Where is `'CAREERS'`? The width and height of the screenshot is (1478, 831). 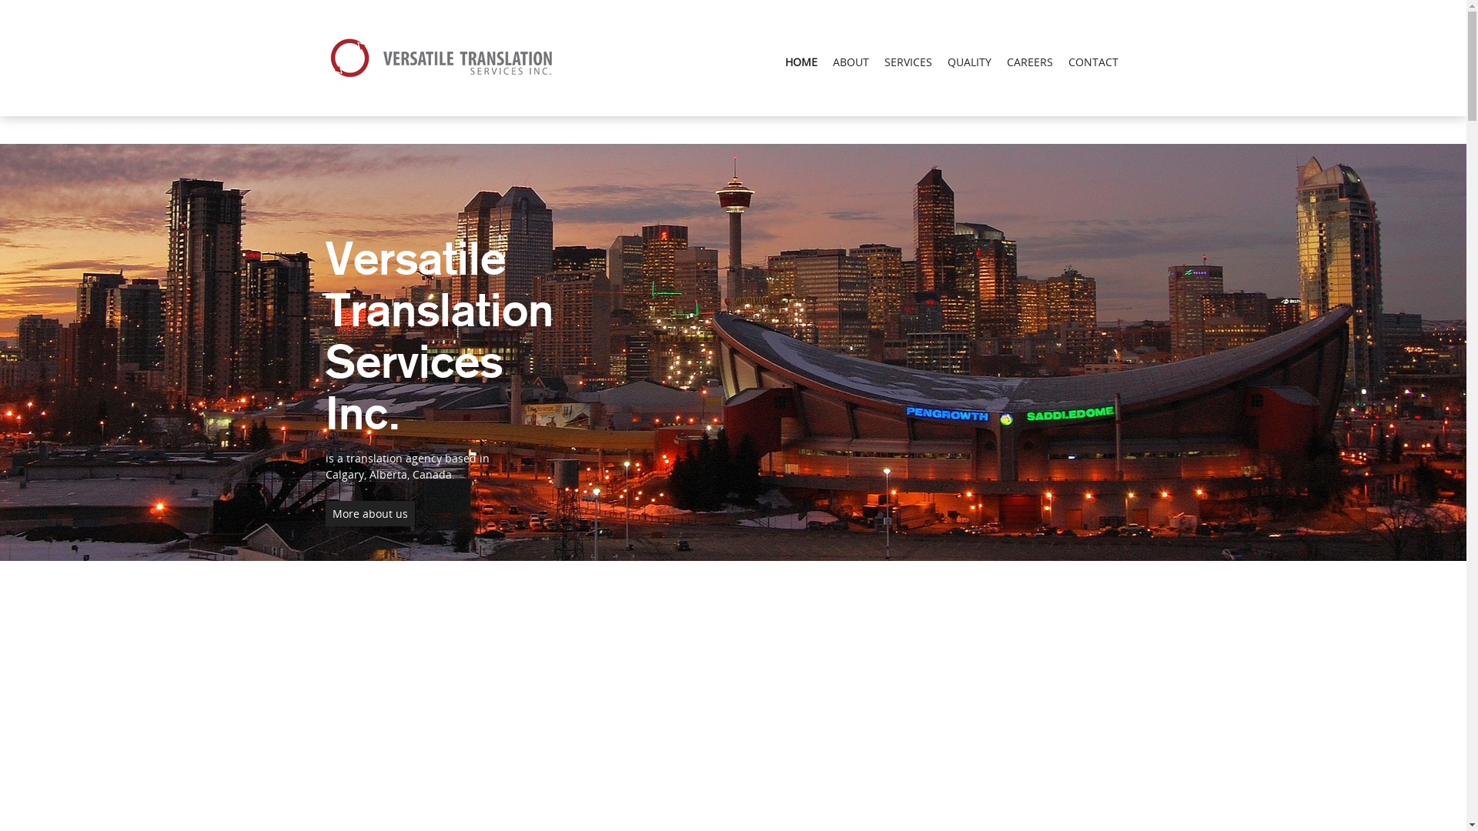
'CAREERS' is located at coordinates (1030, 61).